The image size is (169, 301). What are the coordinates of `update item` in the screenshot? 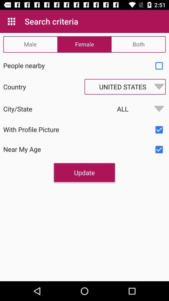 It's located at (84, 172).